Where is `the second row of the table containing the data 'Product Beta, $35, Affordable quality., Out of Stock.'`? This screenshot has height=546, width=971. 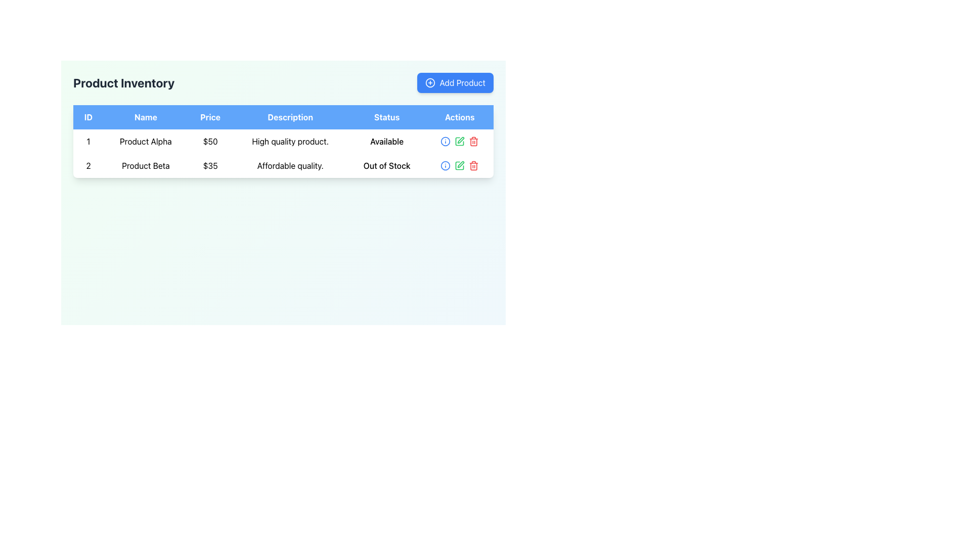 the second row of the table containing the data 'Product Beta, $35, Affordable quality., Out of Stock.' is located at coordinates (283, 165).